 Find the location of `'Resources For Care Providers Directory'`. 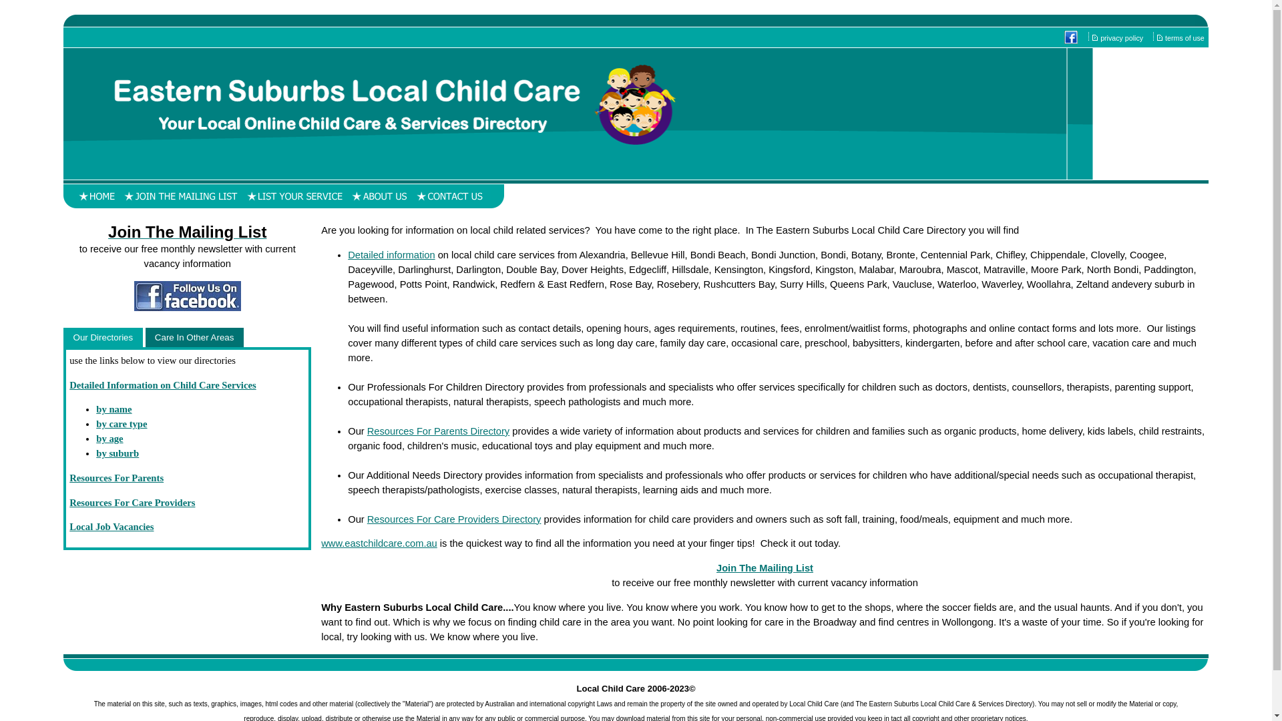

'Resources For Care Providers Directory' is located at coordinates (454, 519).